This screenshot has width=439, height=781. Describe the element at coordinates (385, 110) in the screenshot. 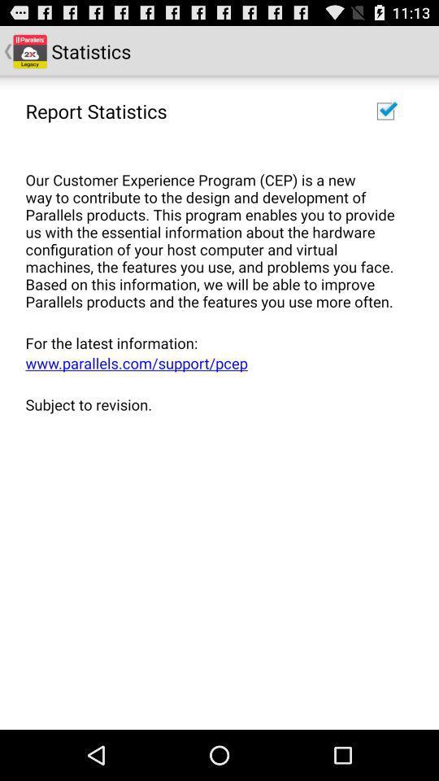

I see `app next to the report statistics` at that location.